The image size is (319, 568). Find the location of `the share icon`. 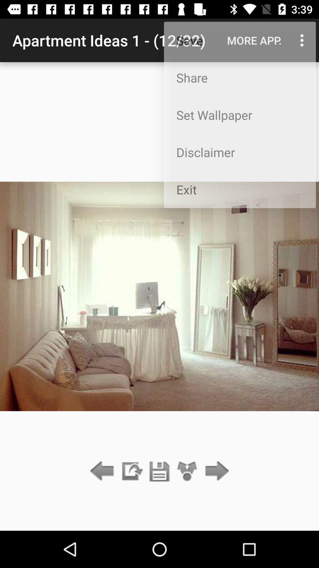

the share icon is located at coordinates (187, 471).